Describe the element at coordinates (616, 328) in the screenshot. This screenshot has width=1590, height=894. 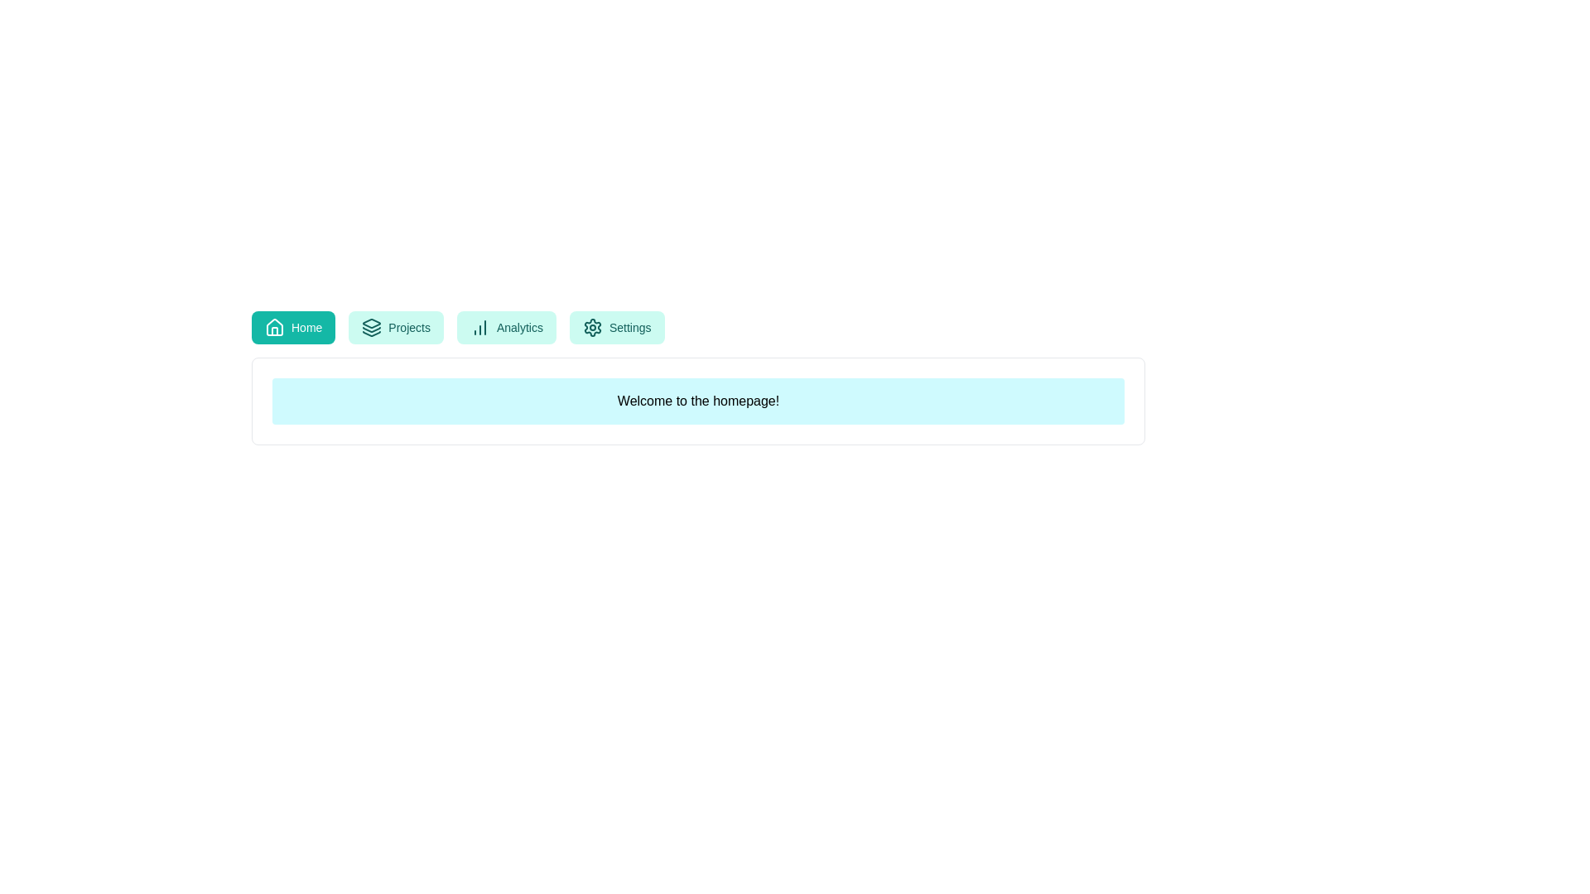
I see `the button labeled Settings to explore its hover effect` at that location.